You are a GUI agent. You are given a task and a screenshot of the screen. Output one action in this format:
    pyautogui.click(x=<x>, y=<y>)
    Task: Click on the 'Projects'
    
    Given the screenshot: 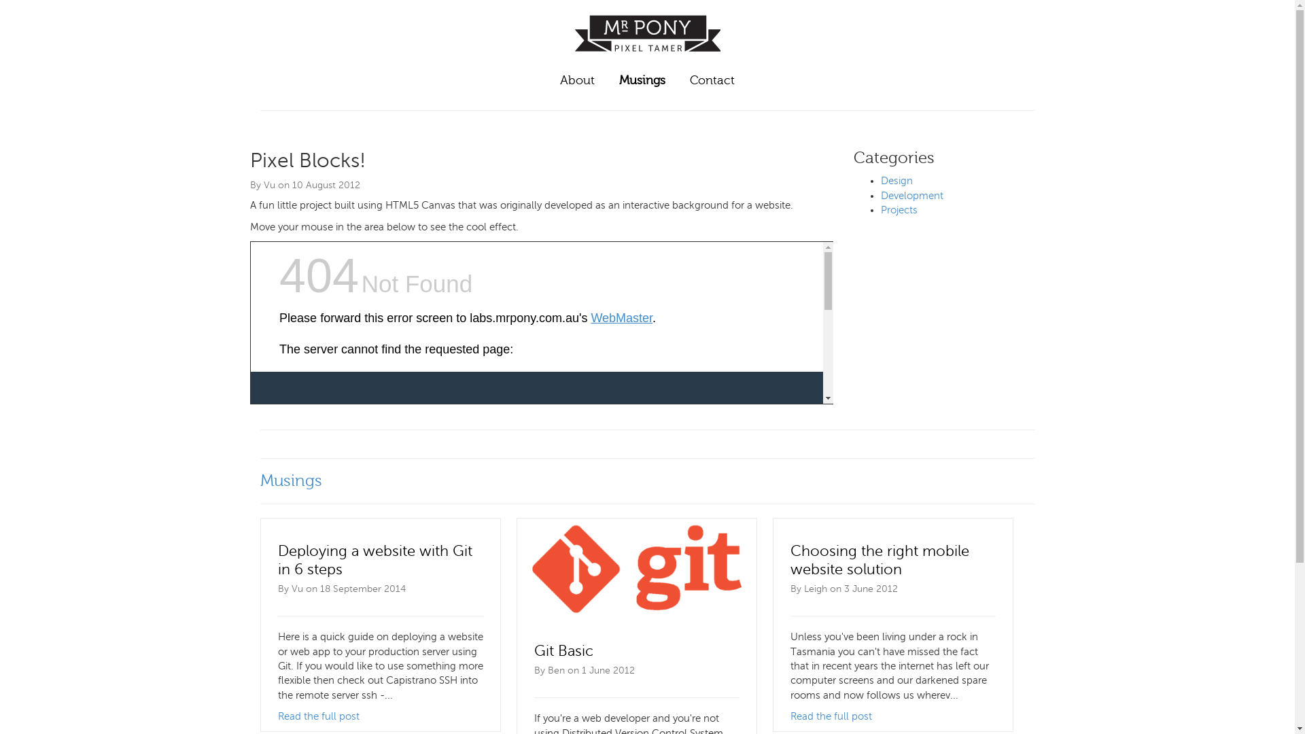 What is the action you would take?
    pyautogui.click(x=899, y=209)
    